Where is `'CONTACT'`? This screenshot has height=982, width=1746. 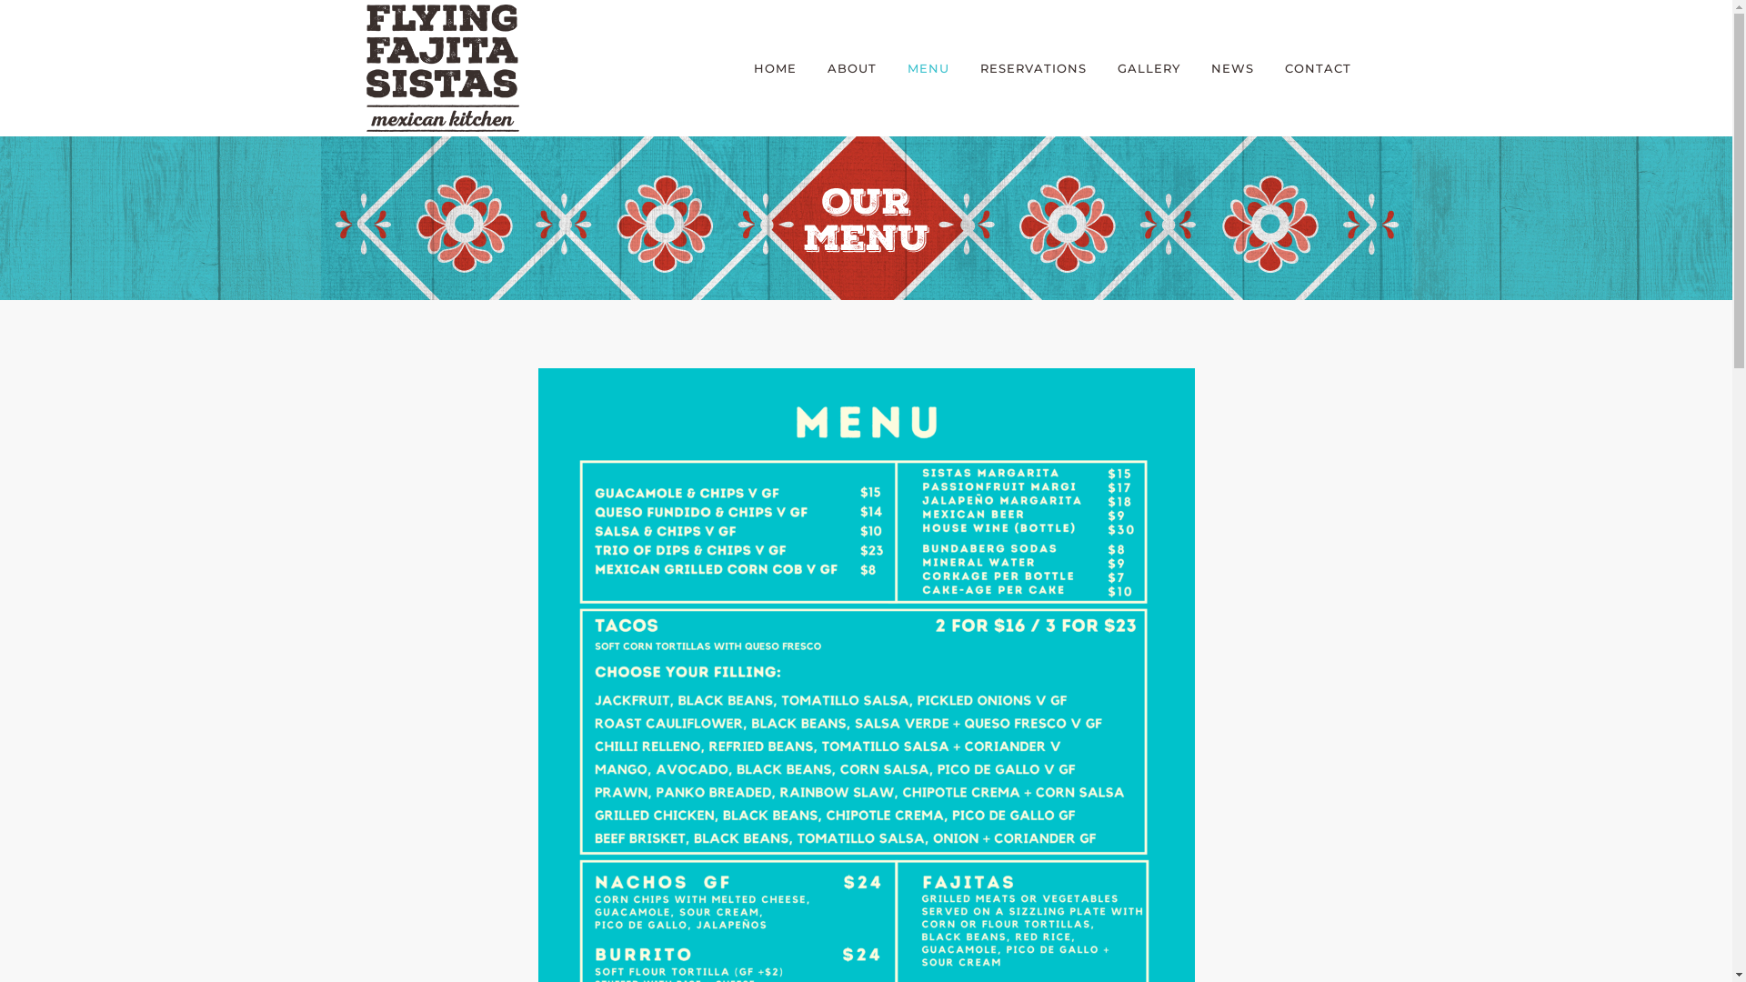 'CONTACT' is located at coordinates (1318, 66).